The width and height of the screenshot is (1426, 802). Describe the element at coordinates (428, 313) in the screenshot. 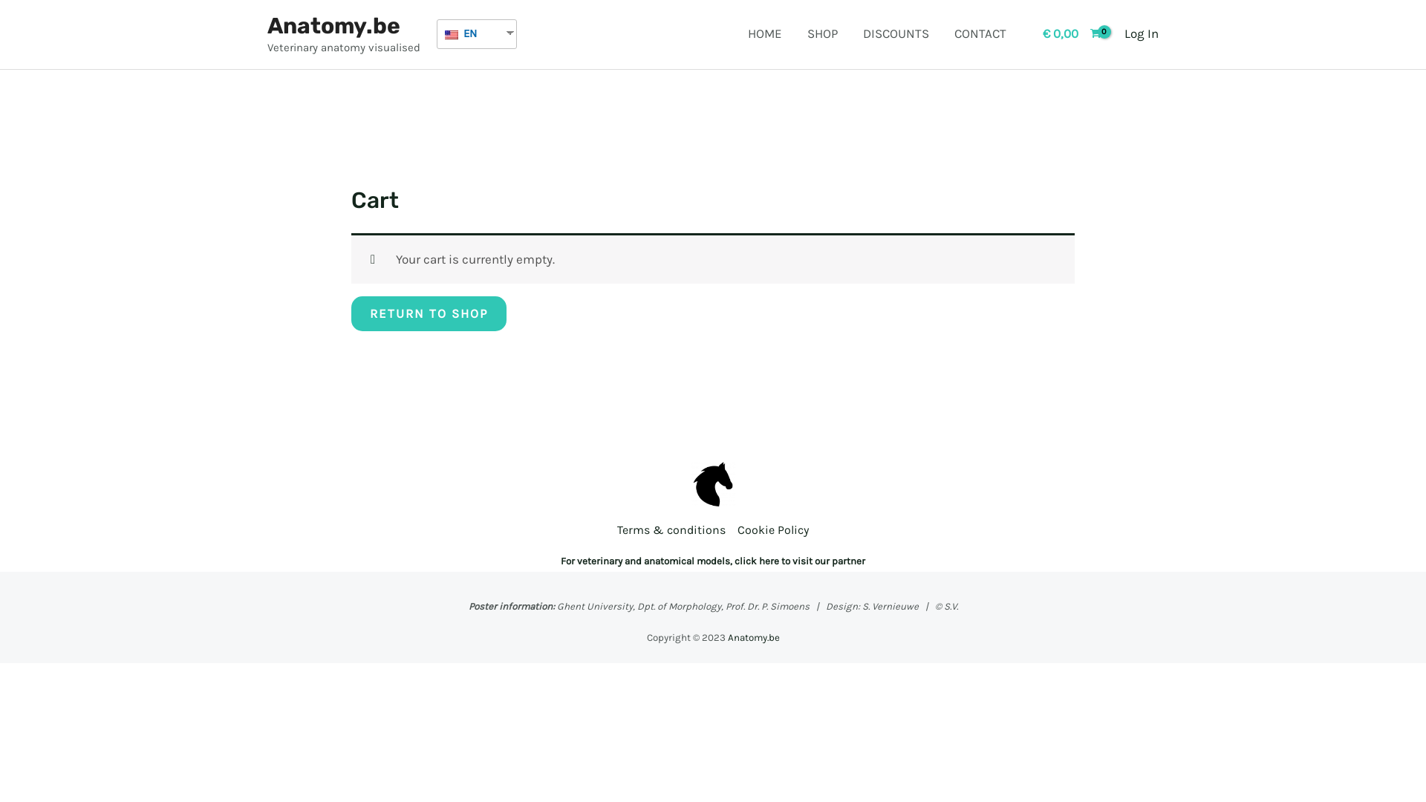

I see `'RETURN TO SHOP'` at that location.